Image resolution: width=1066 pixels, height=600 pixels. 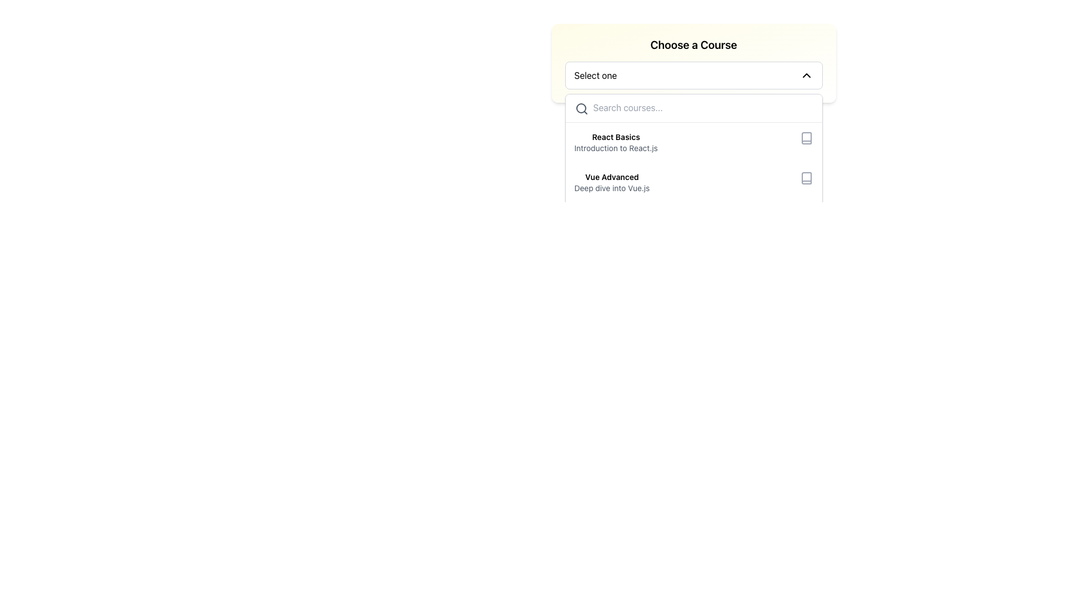 I want to click on the SVG Icon located to the right of the text 'React BasicsIntroduction to React.js', which serves as an indicator or button for additional functionality, so click(x=806, y=137).